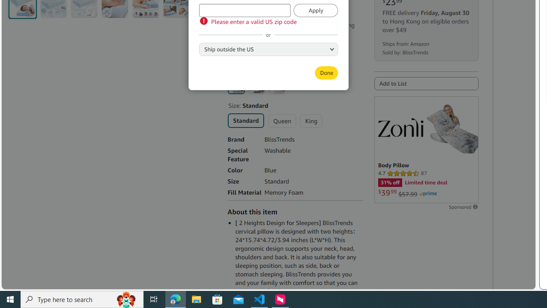 This screenshot has height=308, width=547. What do you see at coordinates (426, 149) in the screenshot?
I see `'Sponsored ad'` at bounding box center [426, 149].